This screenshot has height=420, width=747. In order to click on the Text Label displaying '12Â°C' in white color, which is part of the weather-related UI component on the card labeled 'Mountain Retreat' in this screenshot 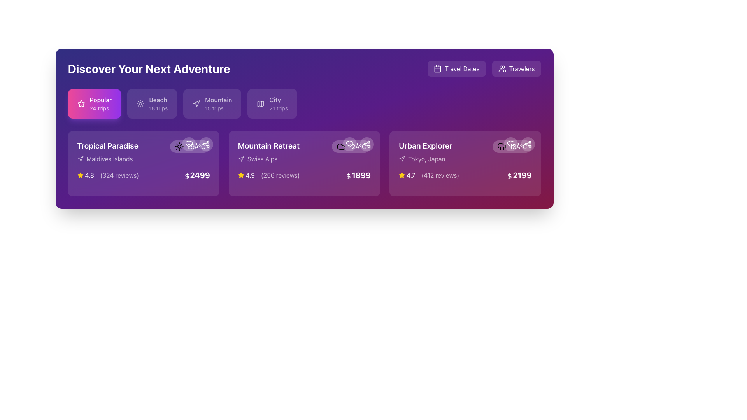, I will do `click(357, 147)`.